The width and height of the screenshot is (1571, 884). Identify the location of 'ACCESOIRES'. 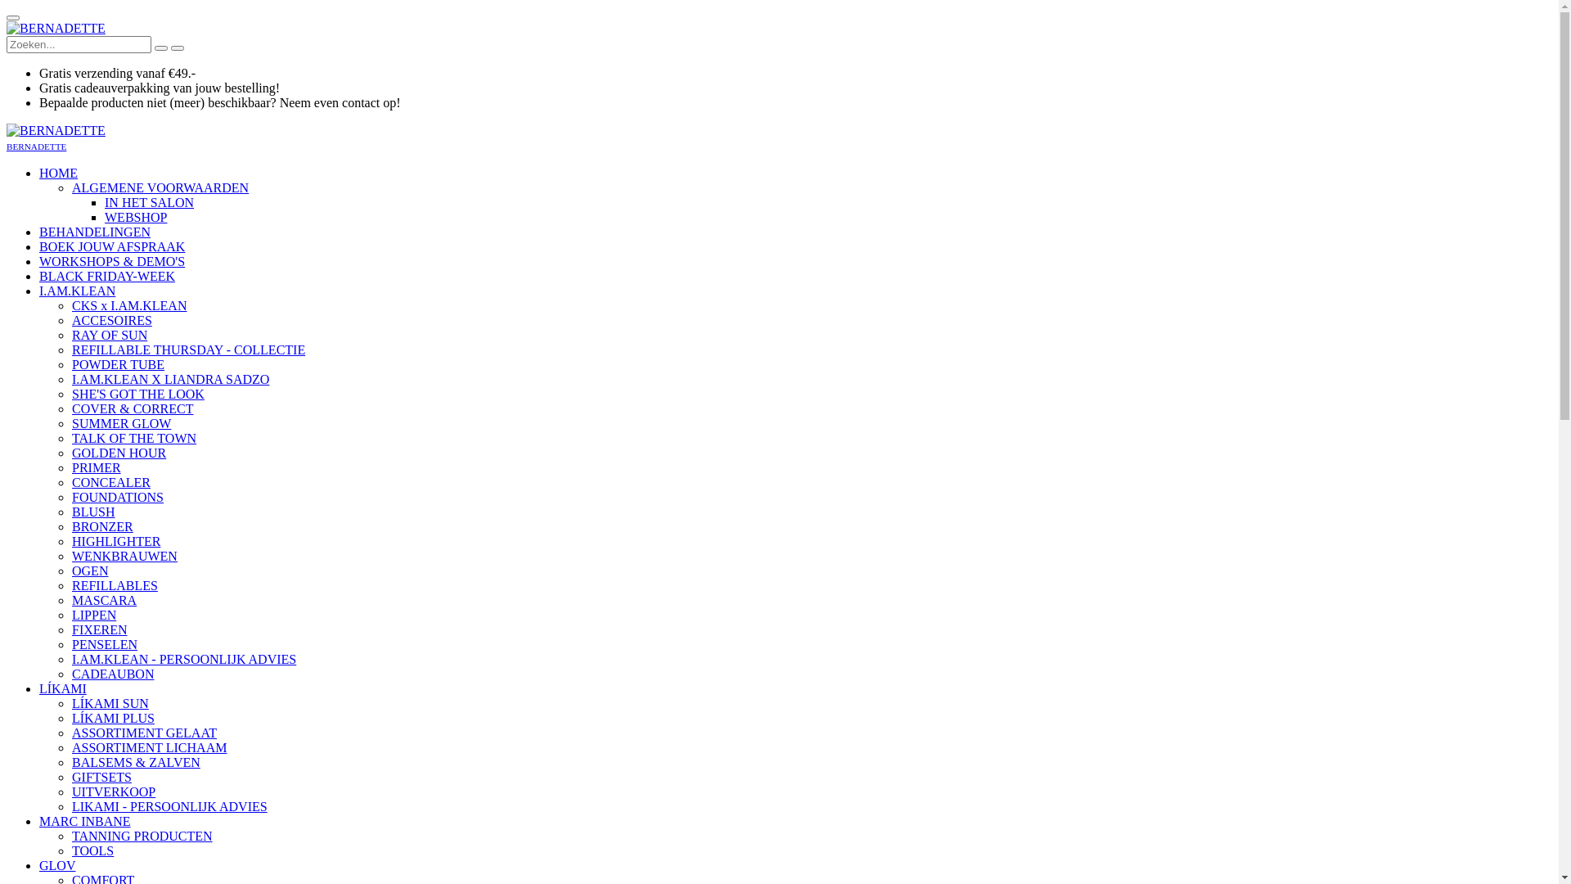
(111, 320).